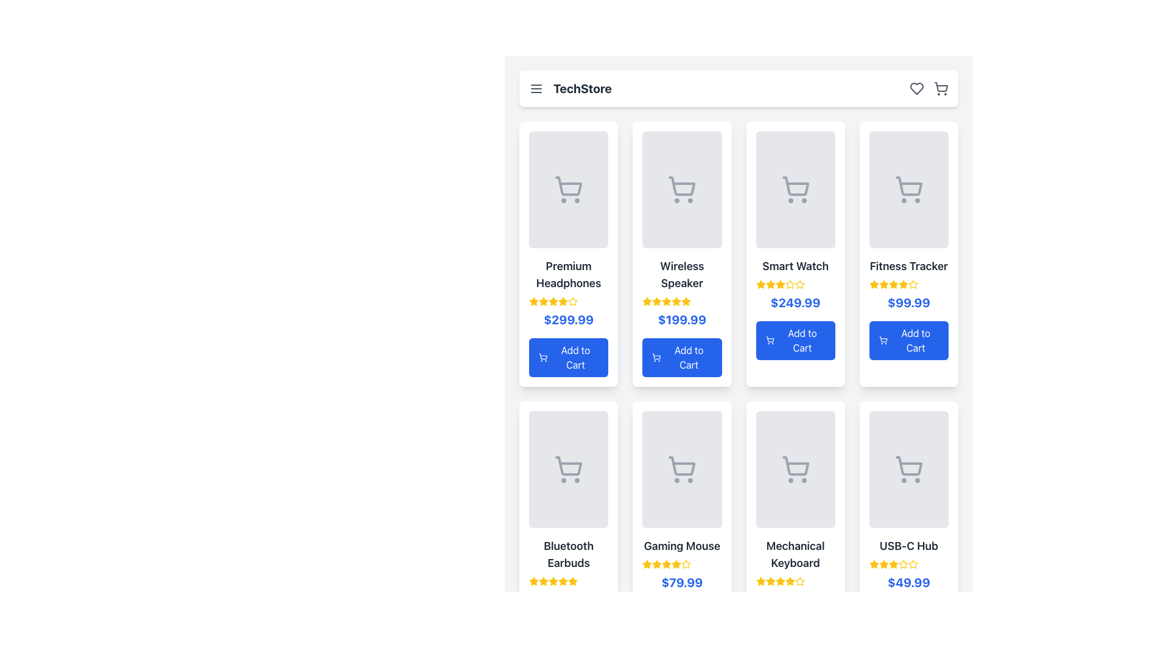  What do you see at coordinates (790, 581) in the screenshot?
I see `the fifth star icon in the rating component of the product card titled 'Mechanical Keyboard' to indicate a rating` at bounding box center [790, 581].